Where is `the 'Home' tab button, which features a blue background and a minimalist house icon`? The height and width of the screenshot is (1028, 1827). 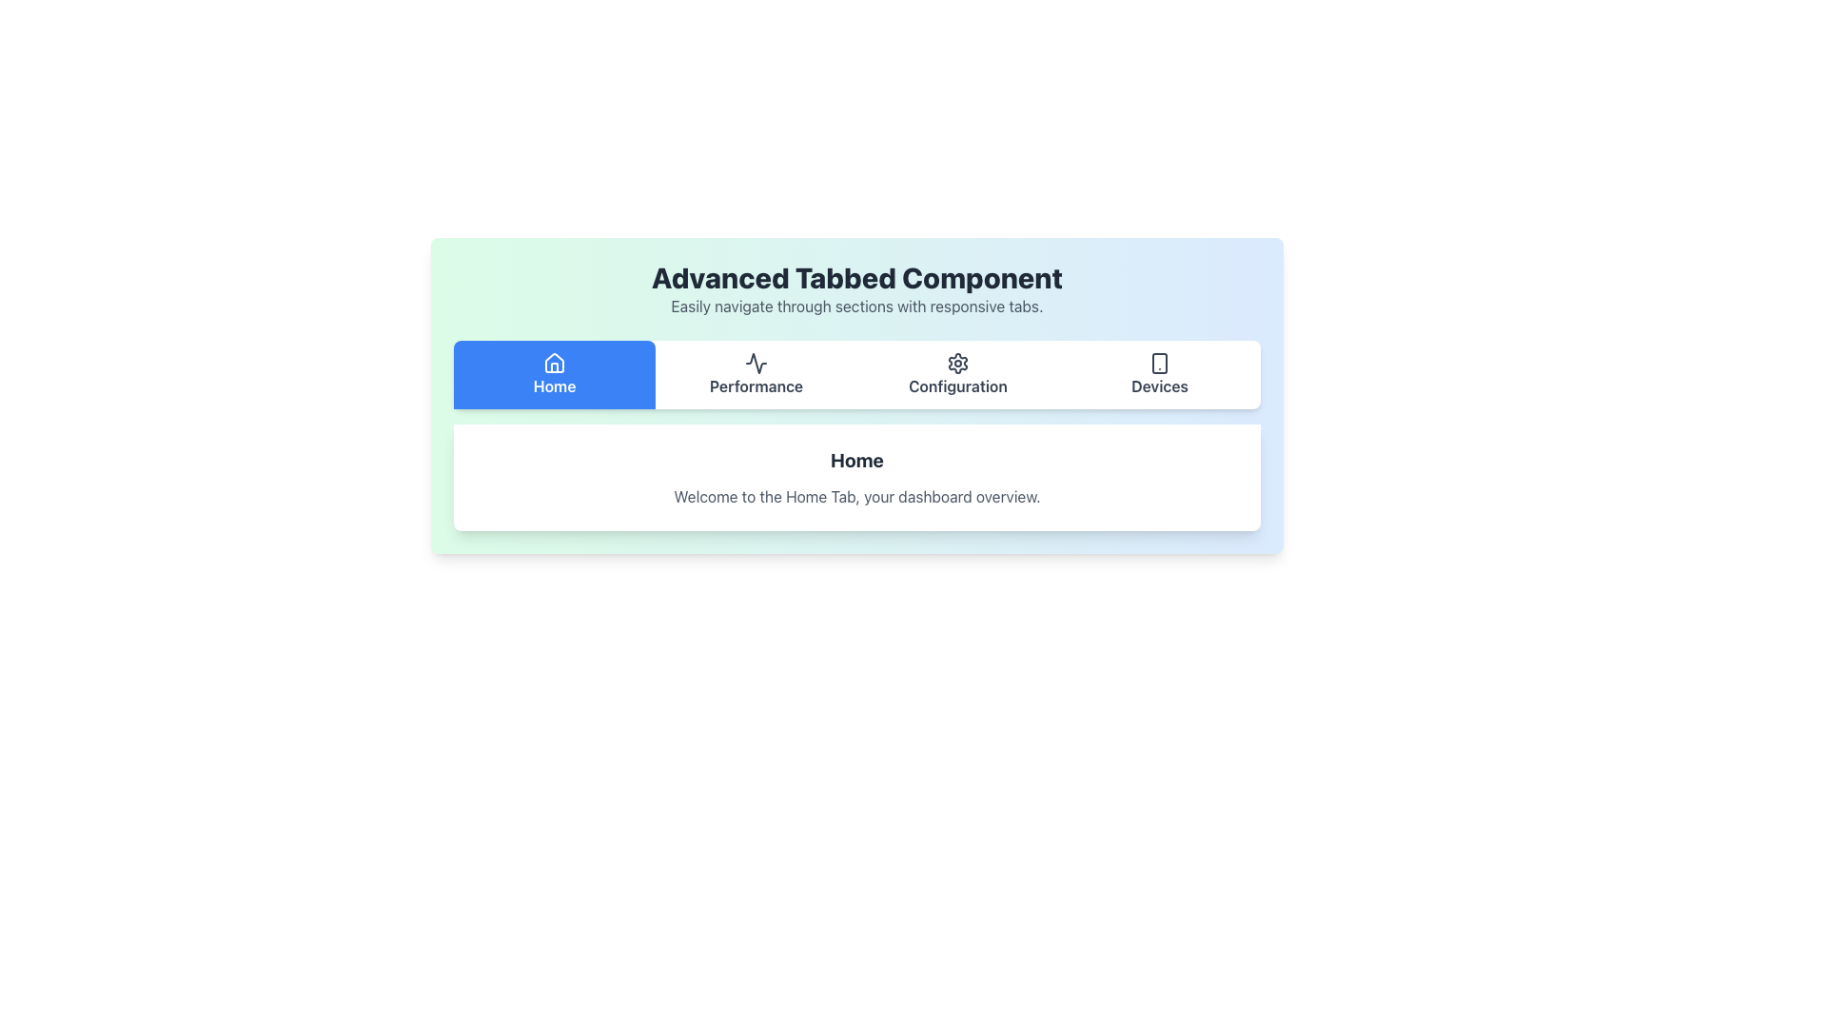
the 'Home' tab button, which features a blue background and a minimalist house icon is located at coordinates (553, 374).